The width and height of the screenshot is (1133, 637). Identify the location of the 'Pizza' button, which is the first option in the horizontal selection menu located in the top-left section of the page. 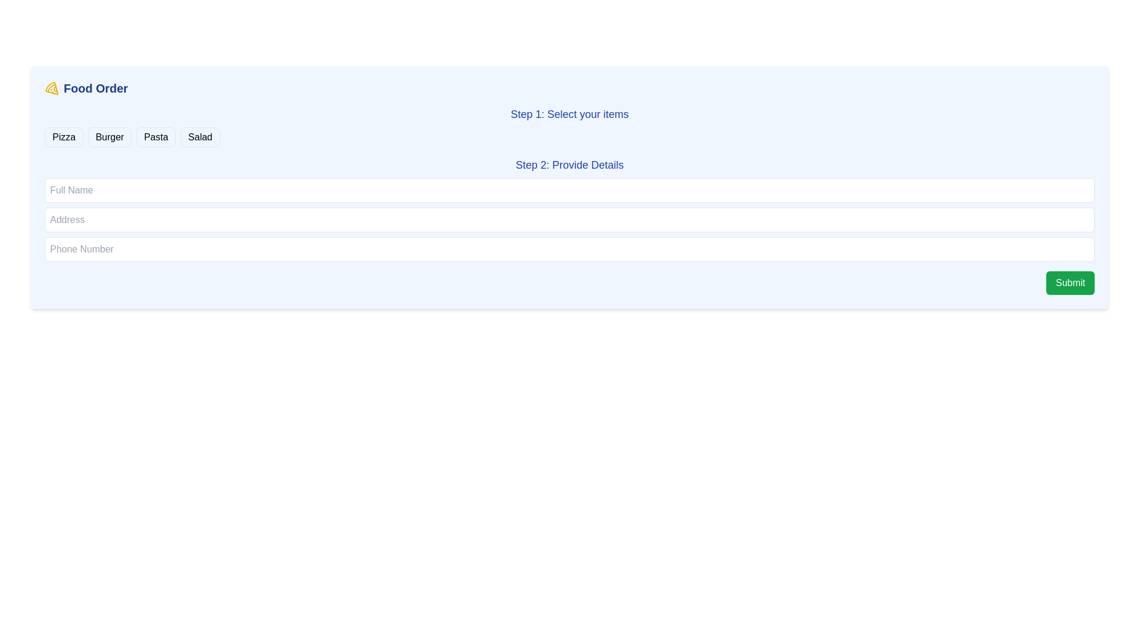
(63, 136).